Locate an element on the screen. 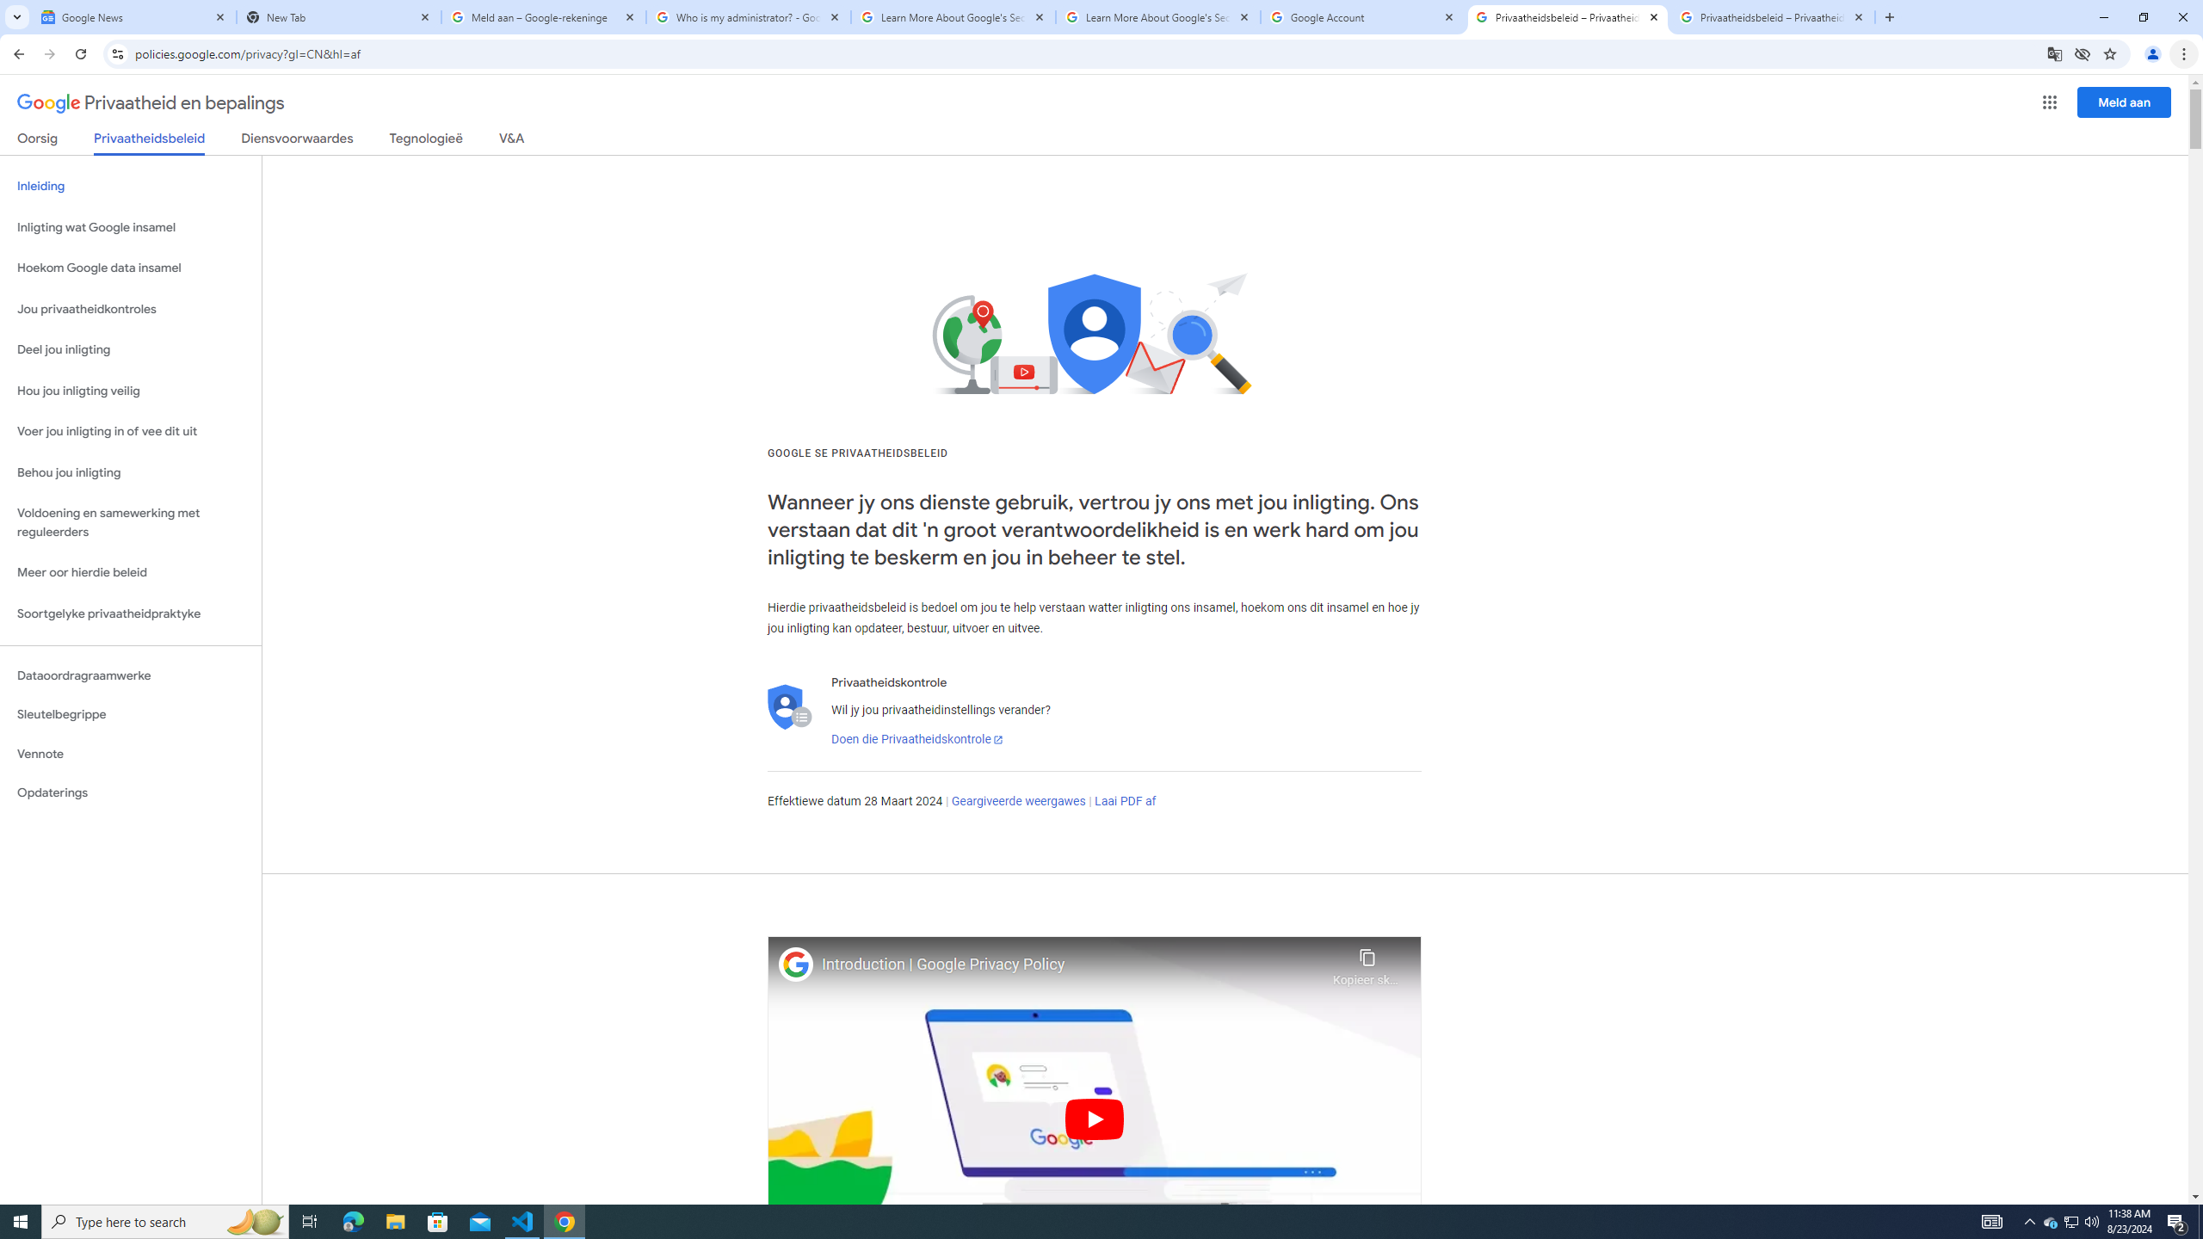  'Geargiveerde weergawes' is located at coordinates (1018, 800).